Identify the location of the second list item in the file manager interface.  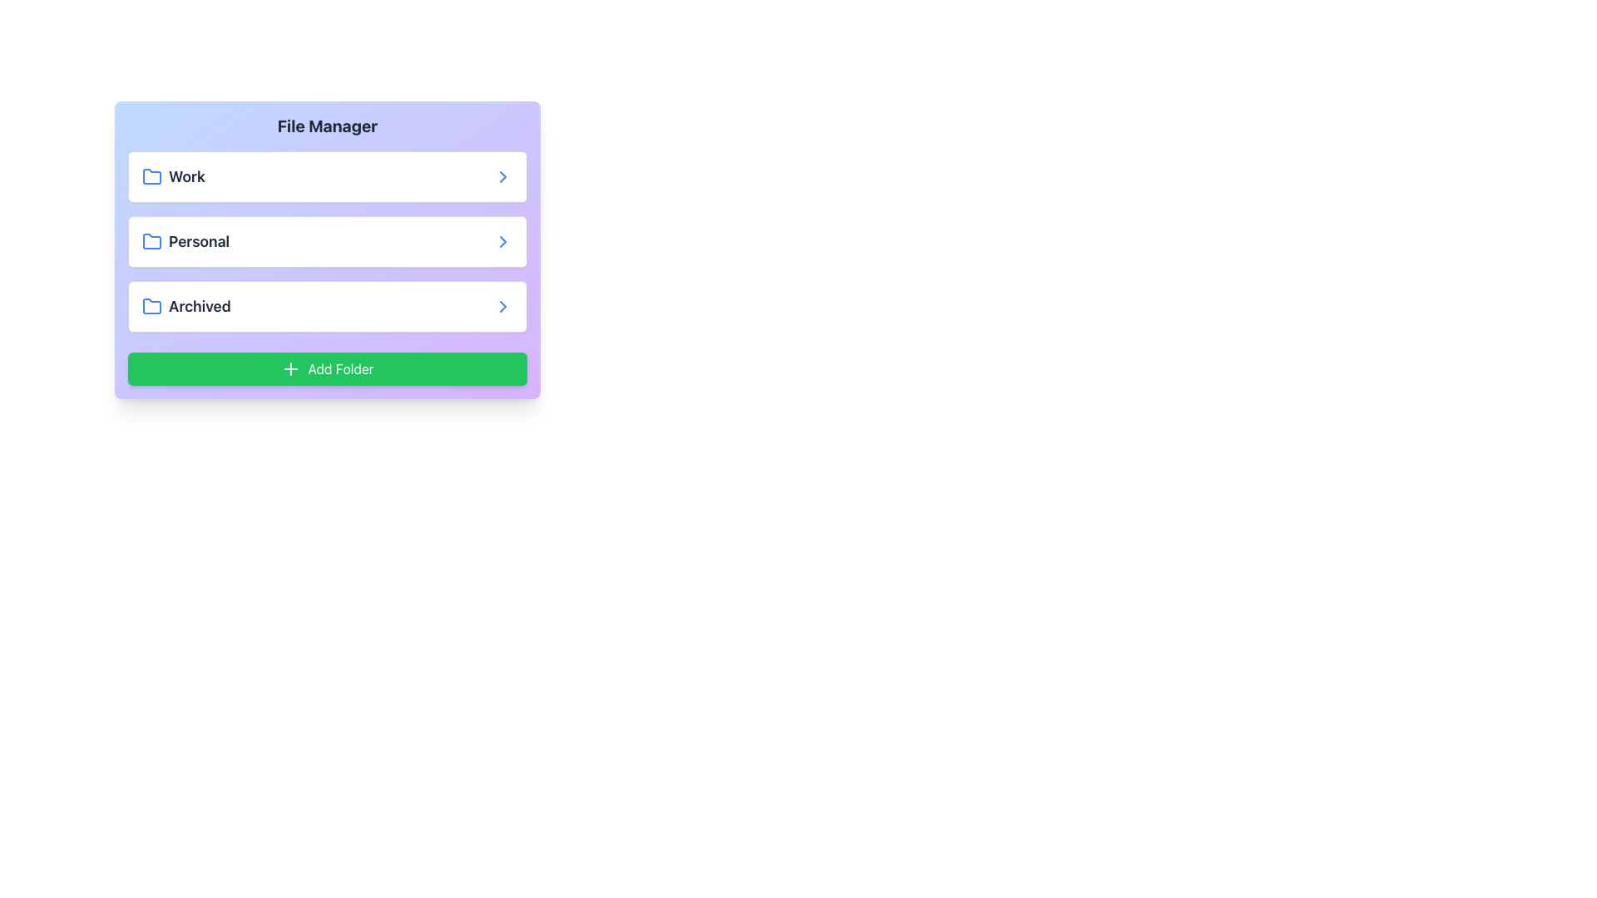
(327, 241).